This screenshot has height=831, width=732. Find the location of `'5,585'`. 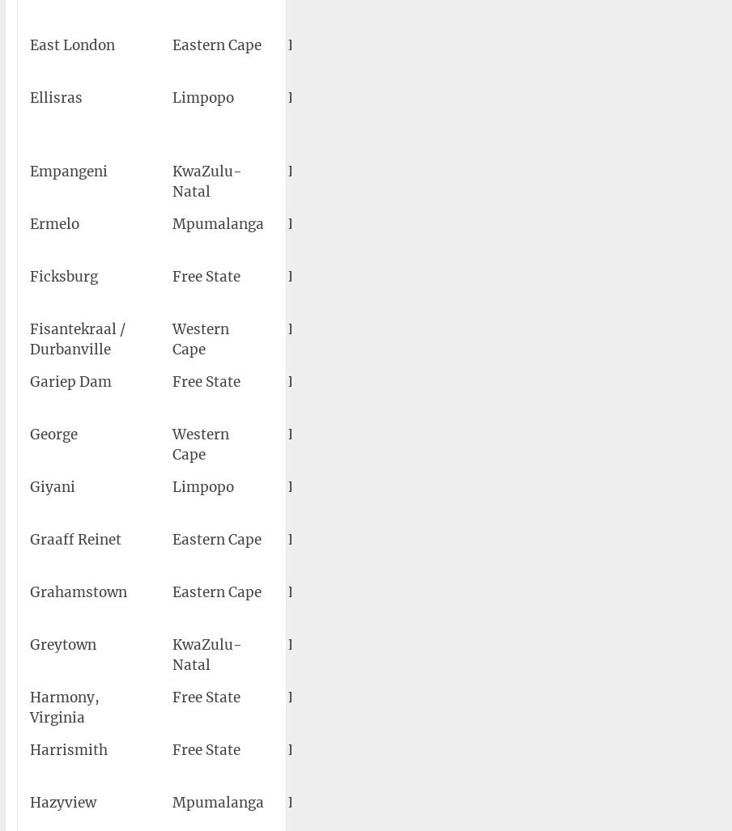

'5,585' is located at coordinates (697, 749).